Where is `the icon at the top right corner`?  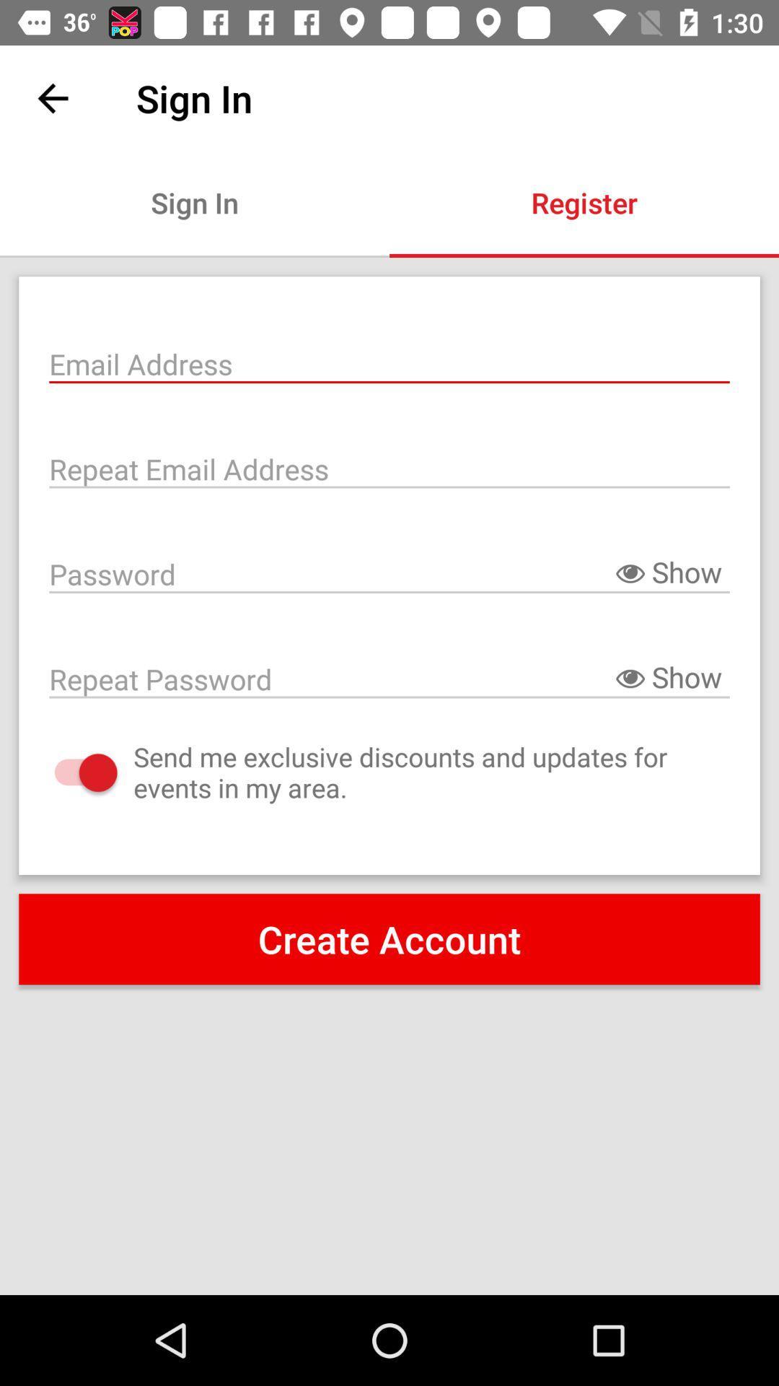
the icon at the top right corner is located at coordinates (584, 201).